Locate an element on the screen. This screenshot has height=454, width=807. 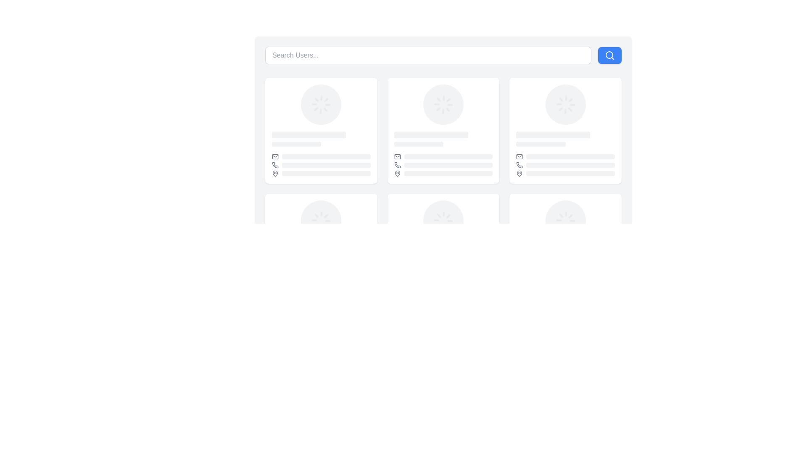
the Skeleton loader element, which serves as a placeholder for content in the user cards layout, specifically located in the content region below the circular image of the first card in the second row is located at coordinates (321, 139).